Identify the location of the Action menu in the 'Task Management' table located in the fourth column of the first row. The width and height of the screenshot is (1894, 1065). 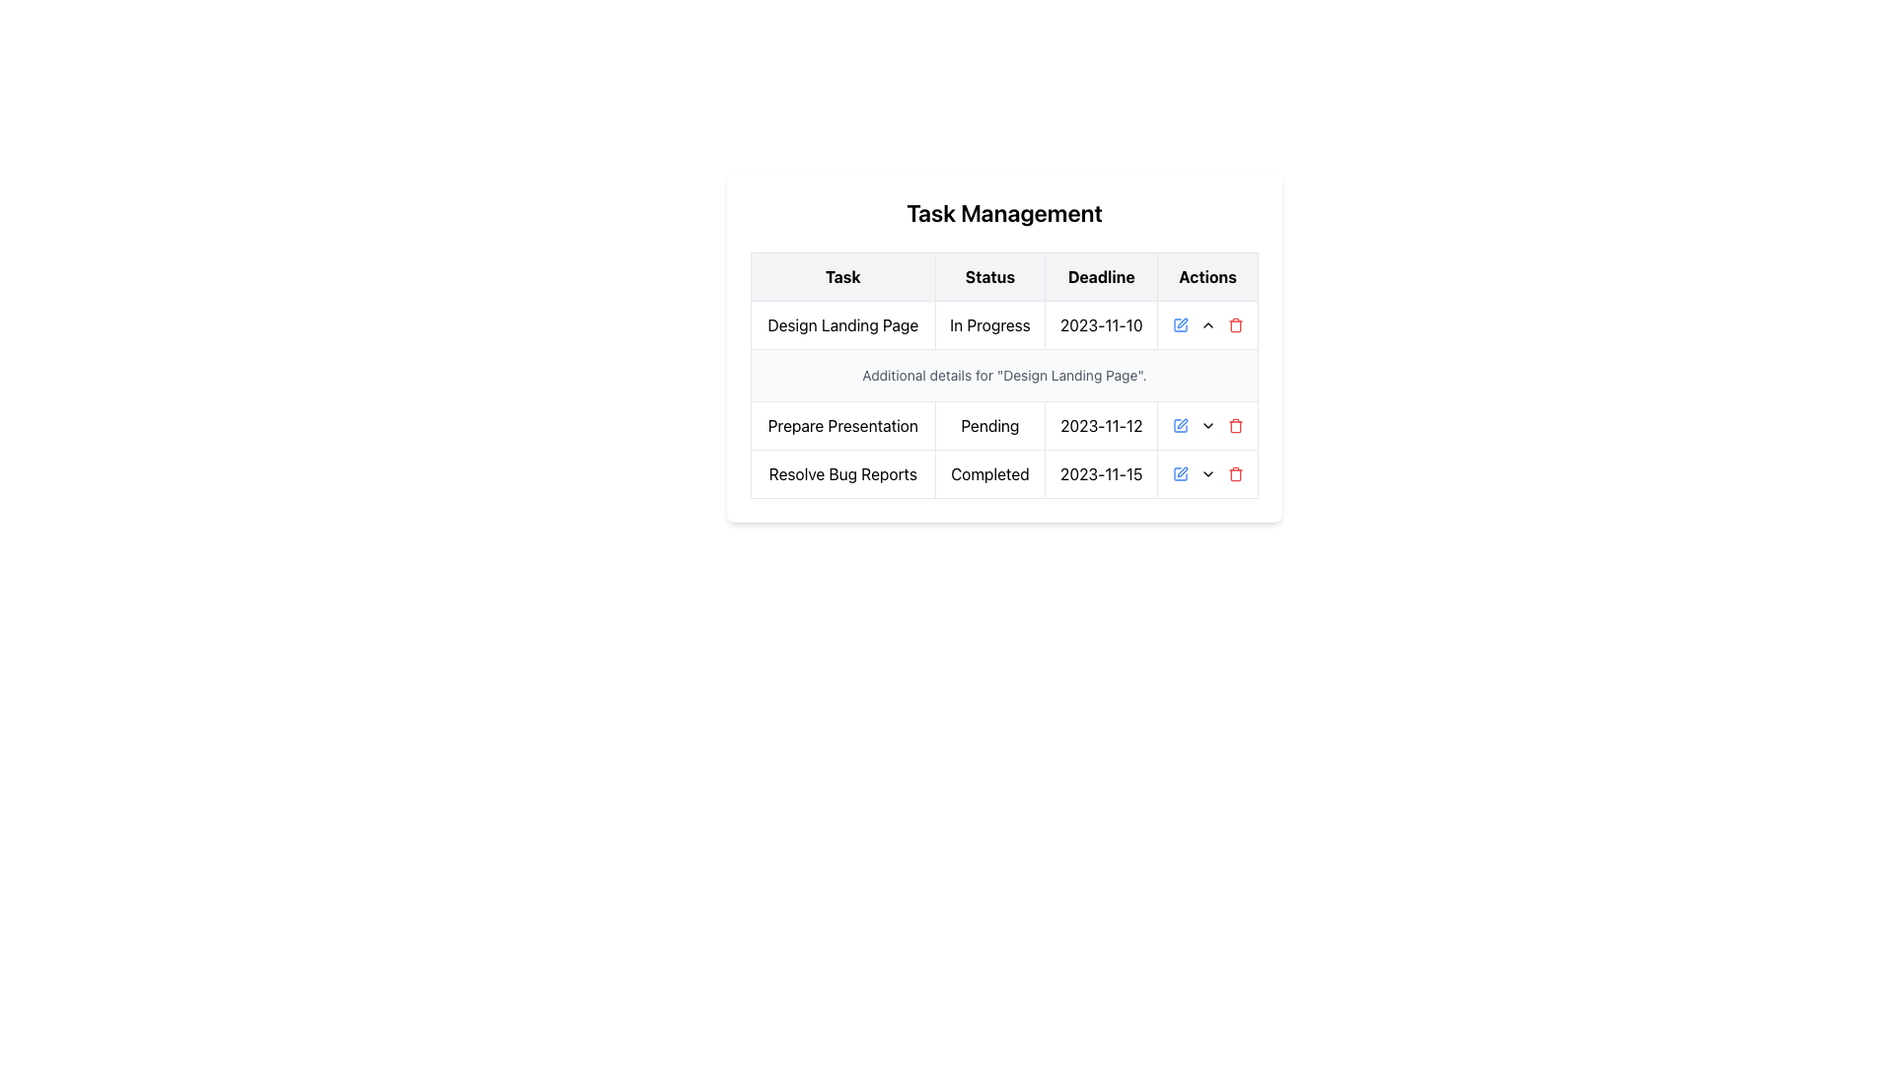
(1206, 324).